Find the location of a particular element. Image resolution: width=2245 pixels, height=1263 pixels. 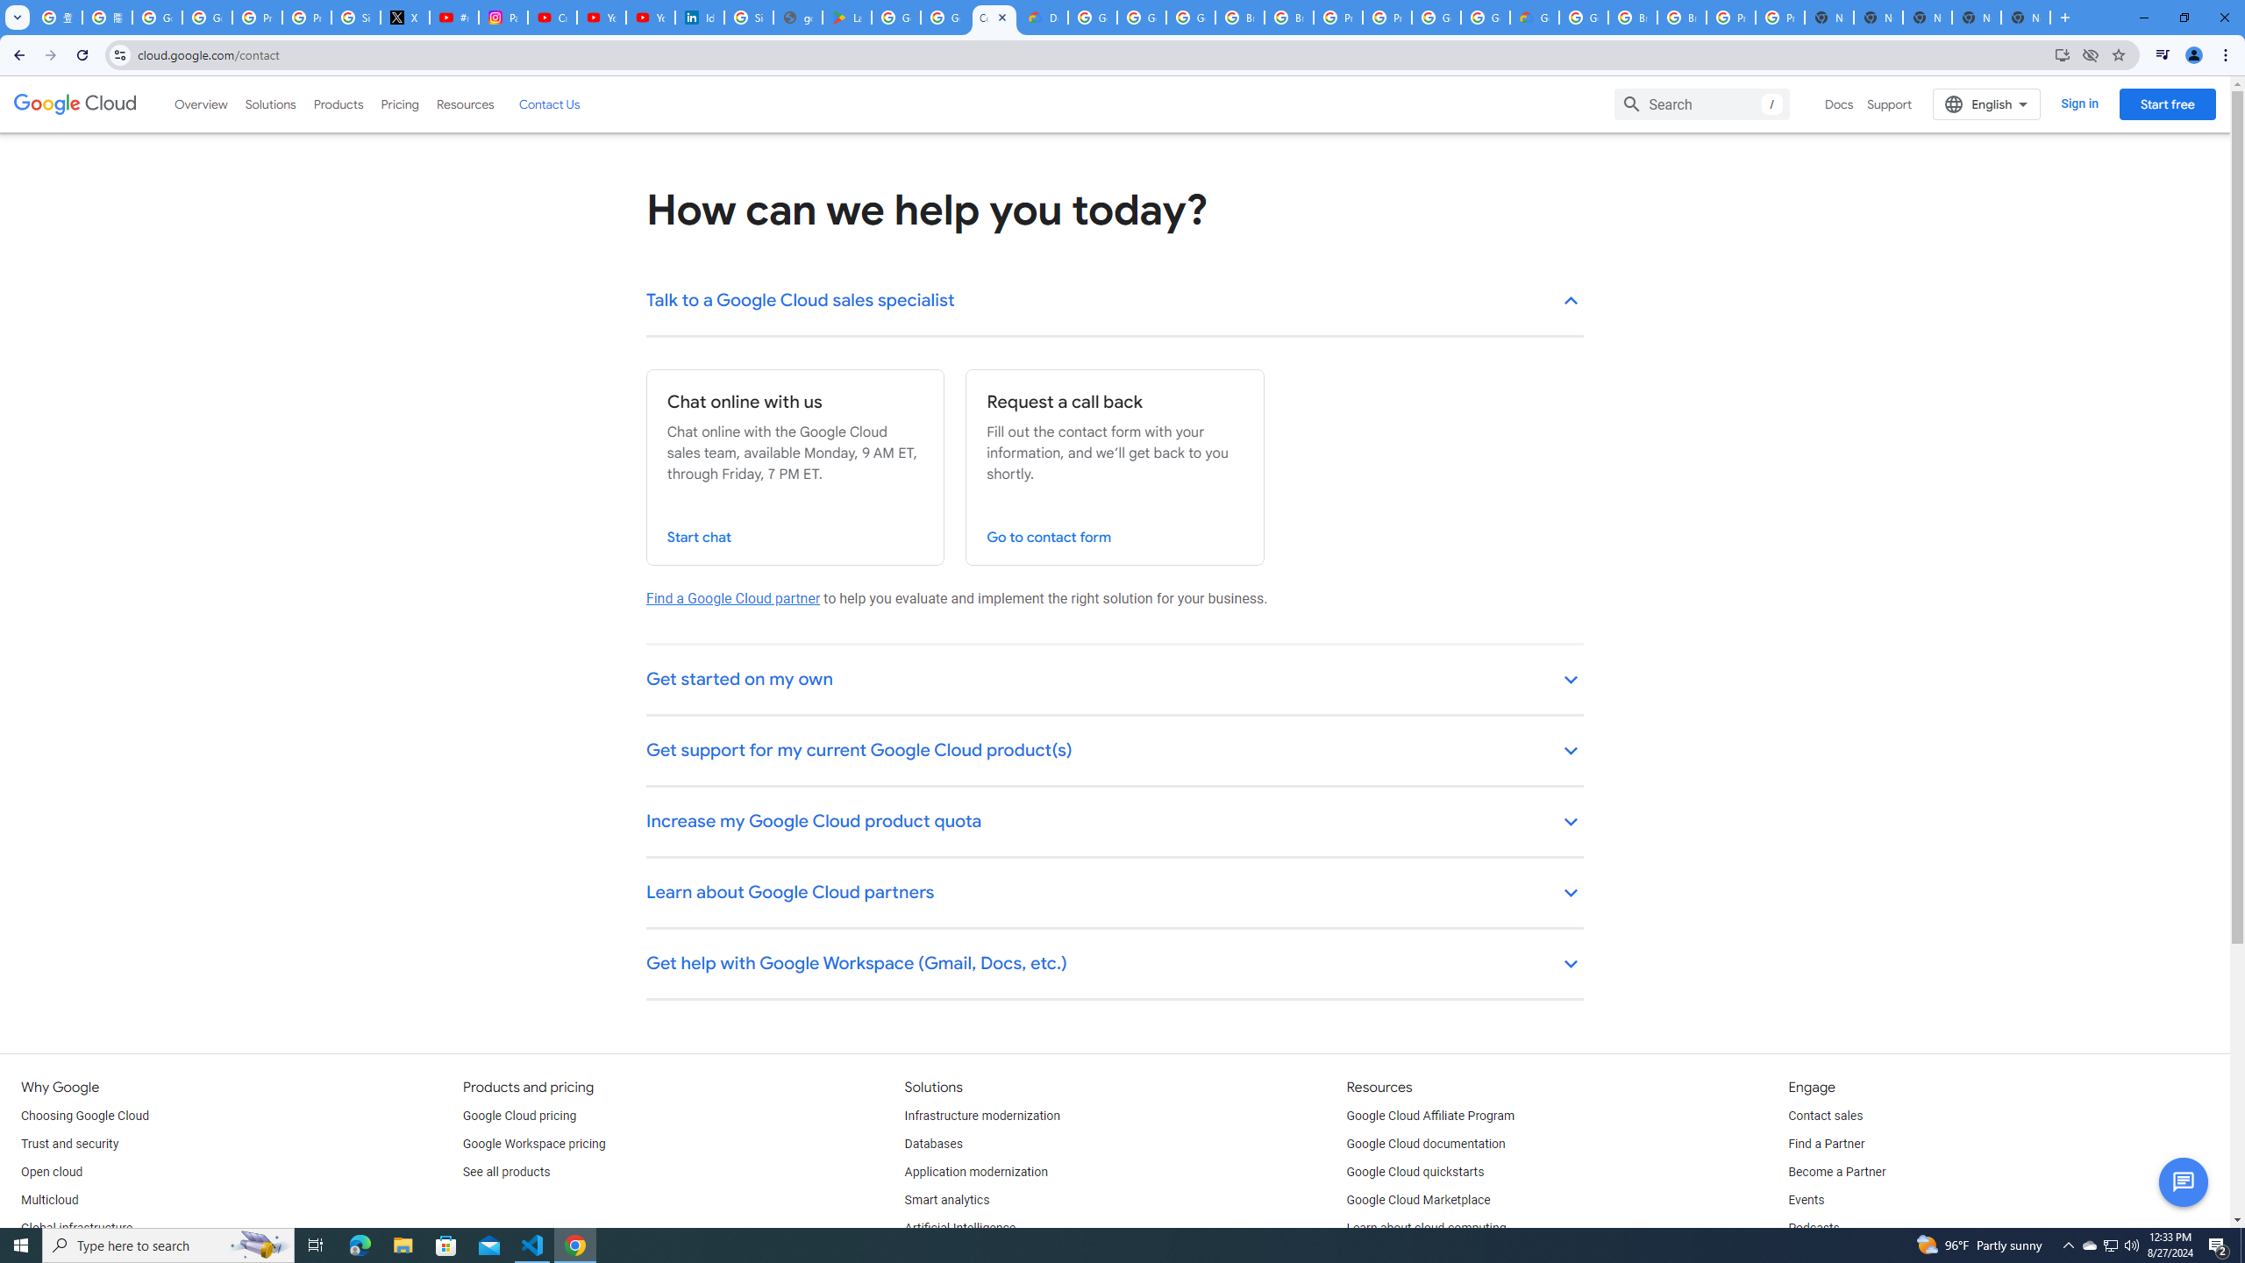

'Install Google Cloud' is located at coordinates (2062, 54).